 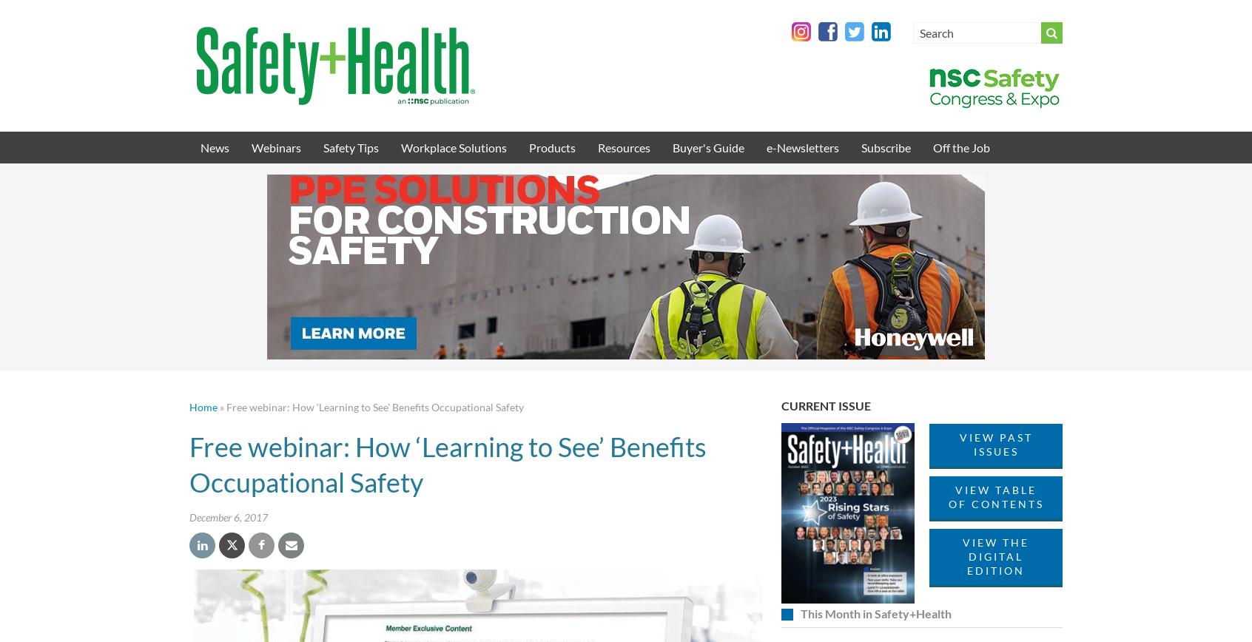 What do you see at coordinates (551, 147) in the screenshot?
I see `'Products'` at bounding box center [551, 147].